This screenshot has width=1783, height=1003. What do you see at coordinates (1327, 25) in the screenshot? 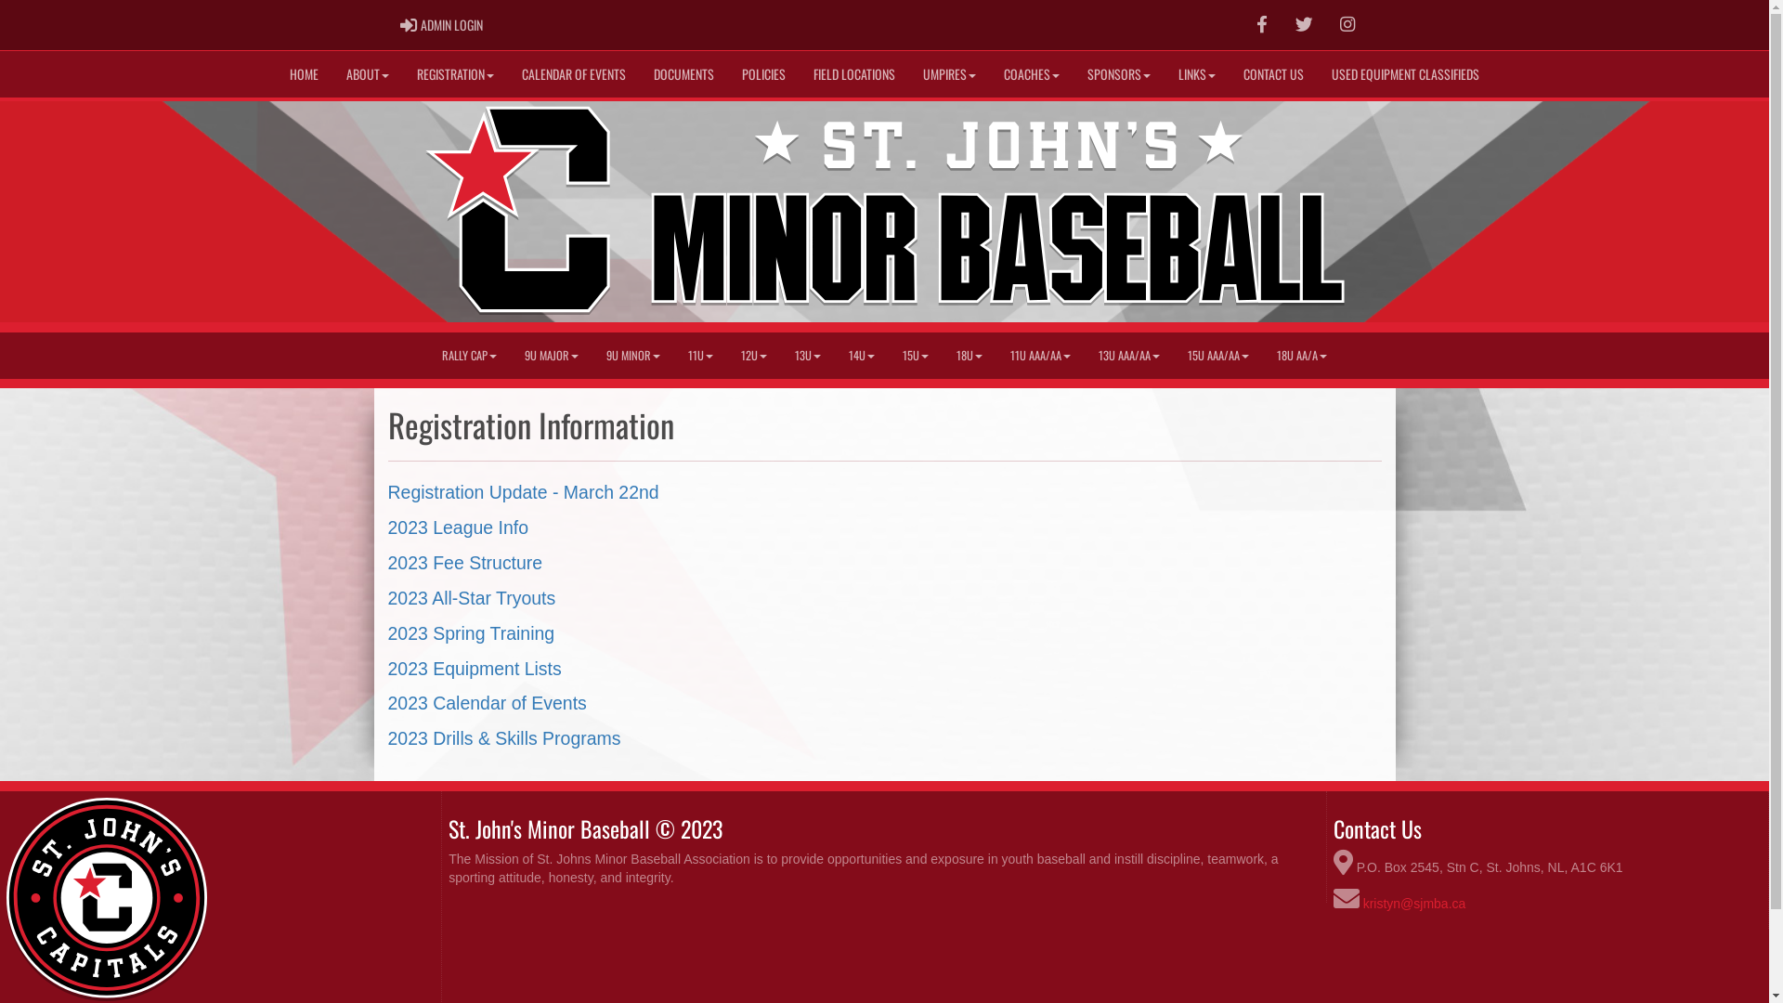
I see `'Instagram'` at bounding box center [1327, 25].